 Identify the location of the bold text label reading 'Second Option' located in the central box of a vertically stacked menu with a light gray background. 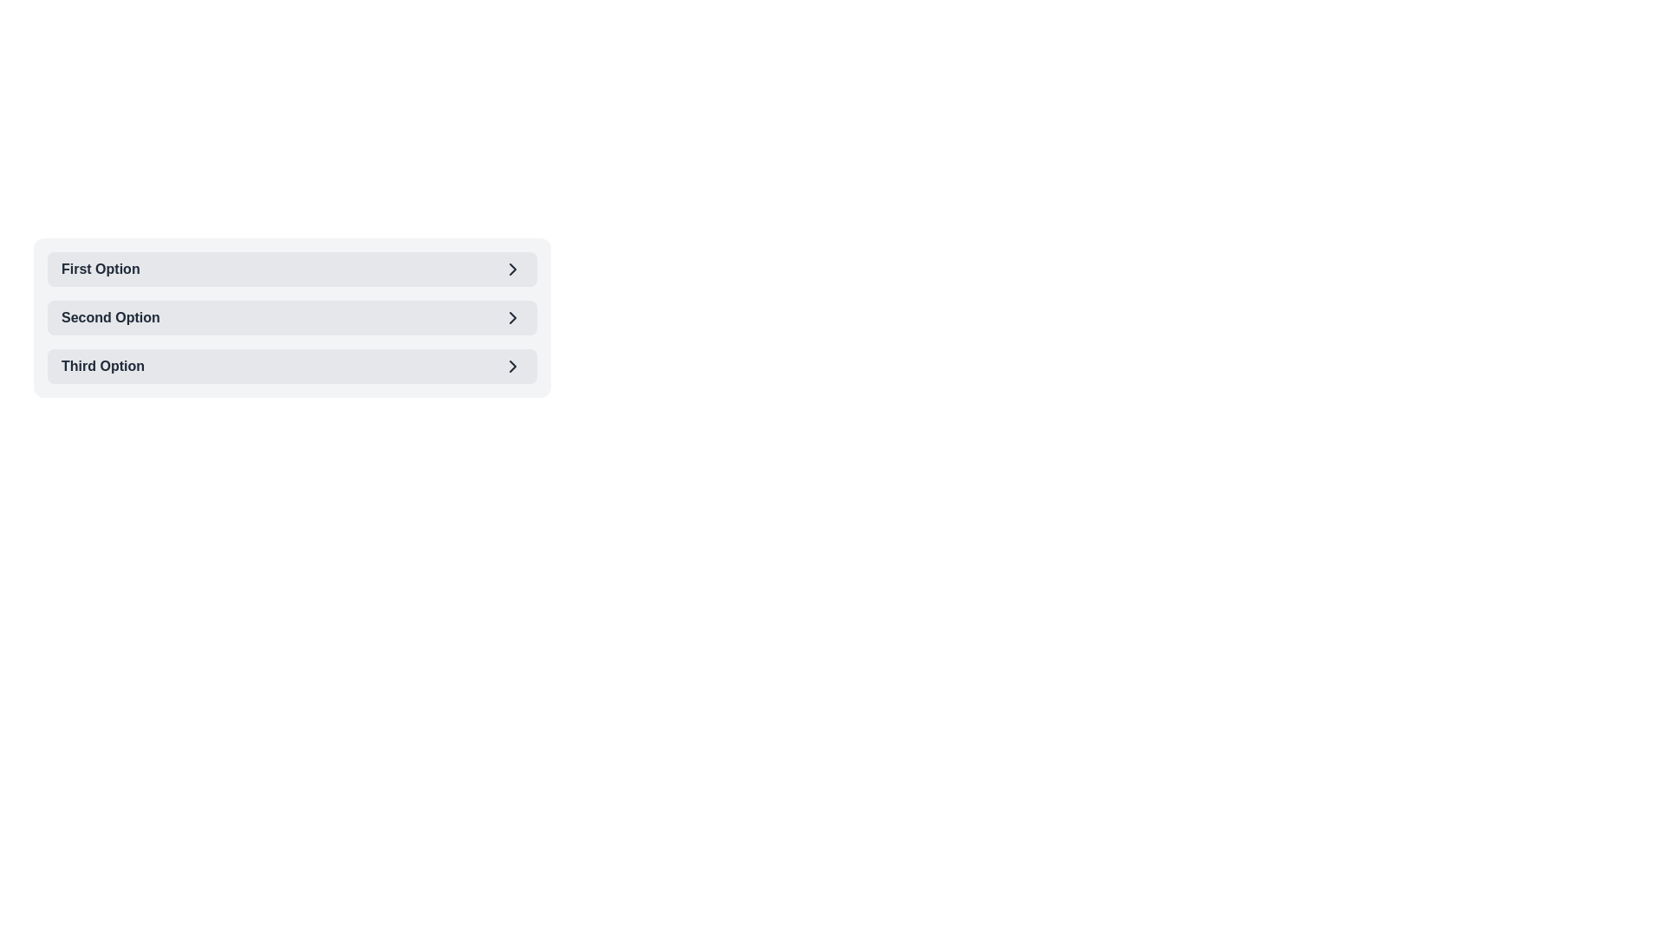
(109, 317).